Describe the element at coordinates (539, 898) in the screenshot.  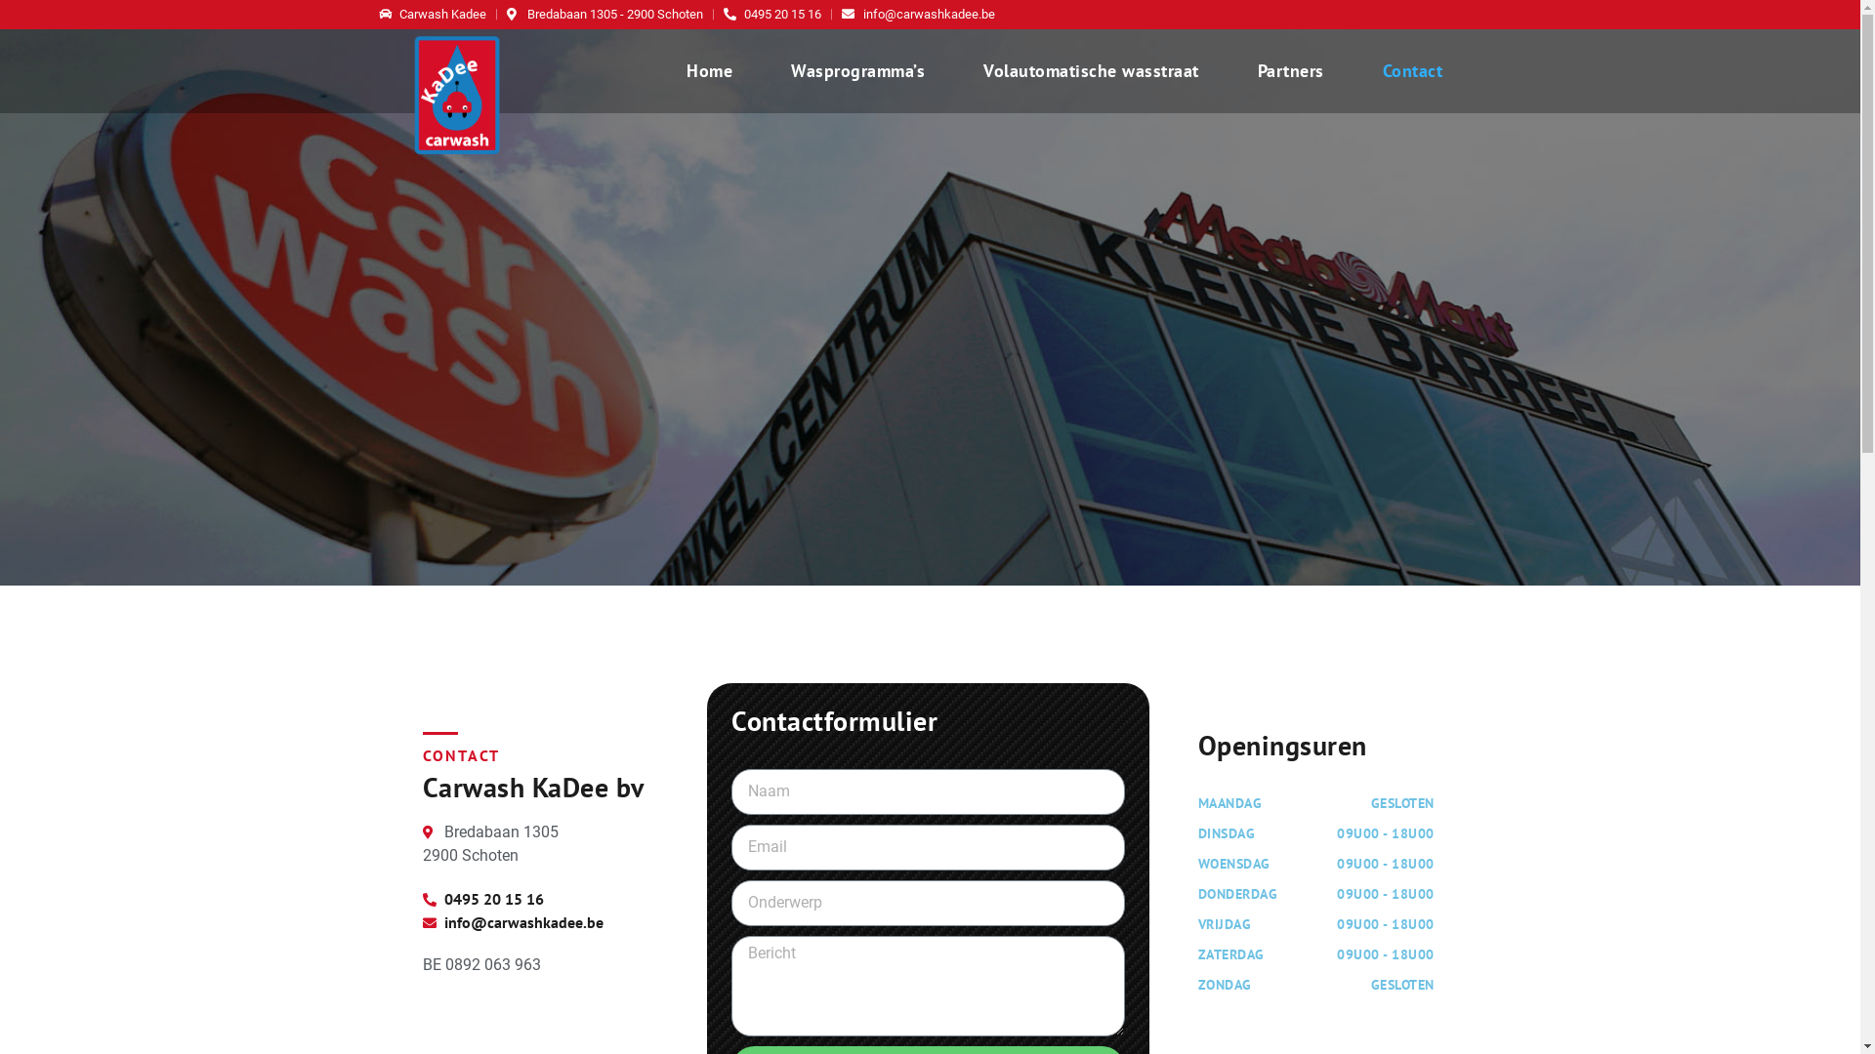
I see `'0495 20 15 16'` at that location.